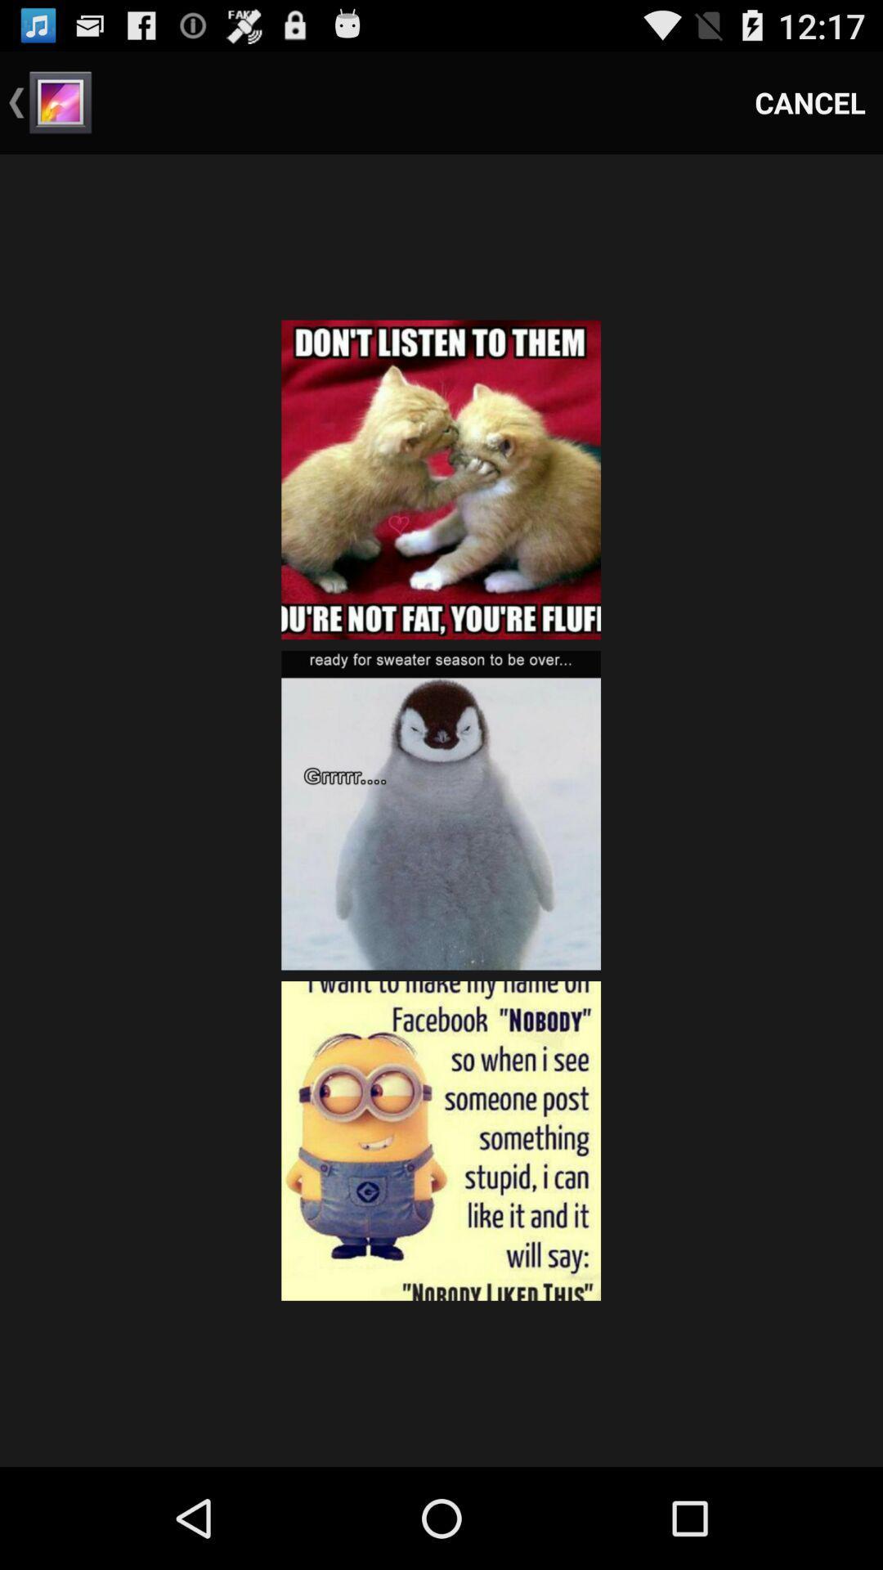 This screenshot has height=1570, width=883. Describe the element at coordinates (810, 101) in the screenshot. I see `the cancel` at that location.